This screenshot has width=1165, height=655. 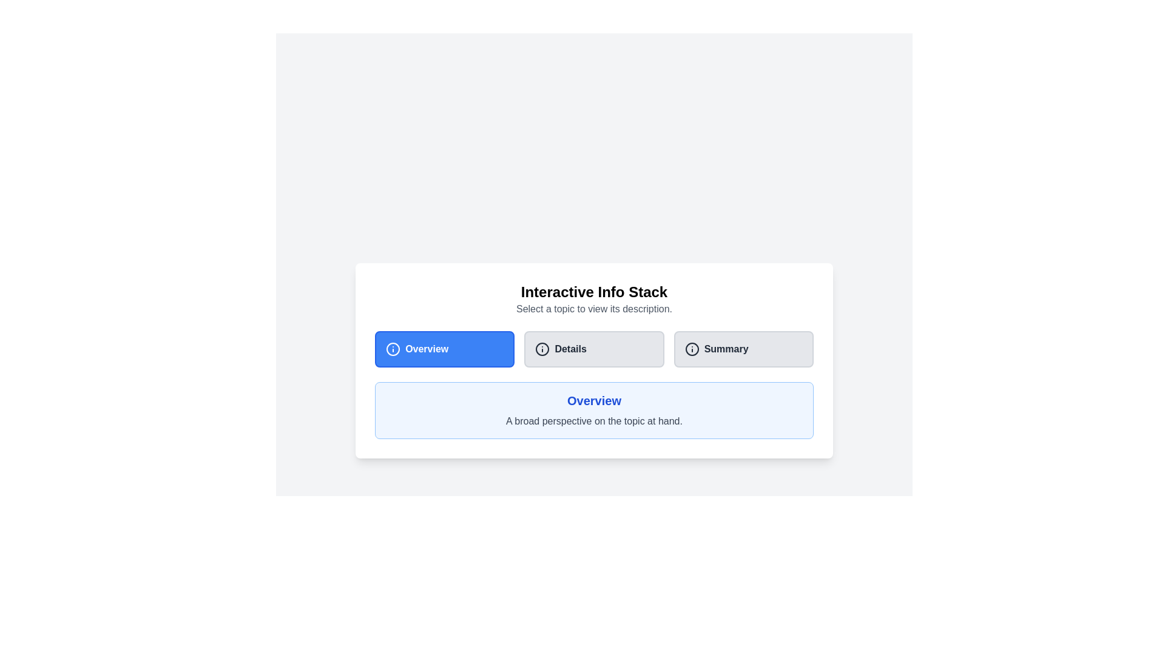 What do you see at coordinates (594, 400) in the screenshot?
I see `prominently styled text label that says 'Overview' located in the upper portion of a light blue background box` at bounding box center [594, 400].